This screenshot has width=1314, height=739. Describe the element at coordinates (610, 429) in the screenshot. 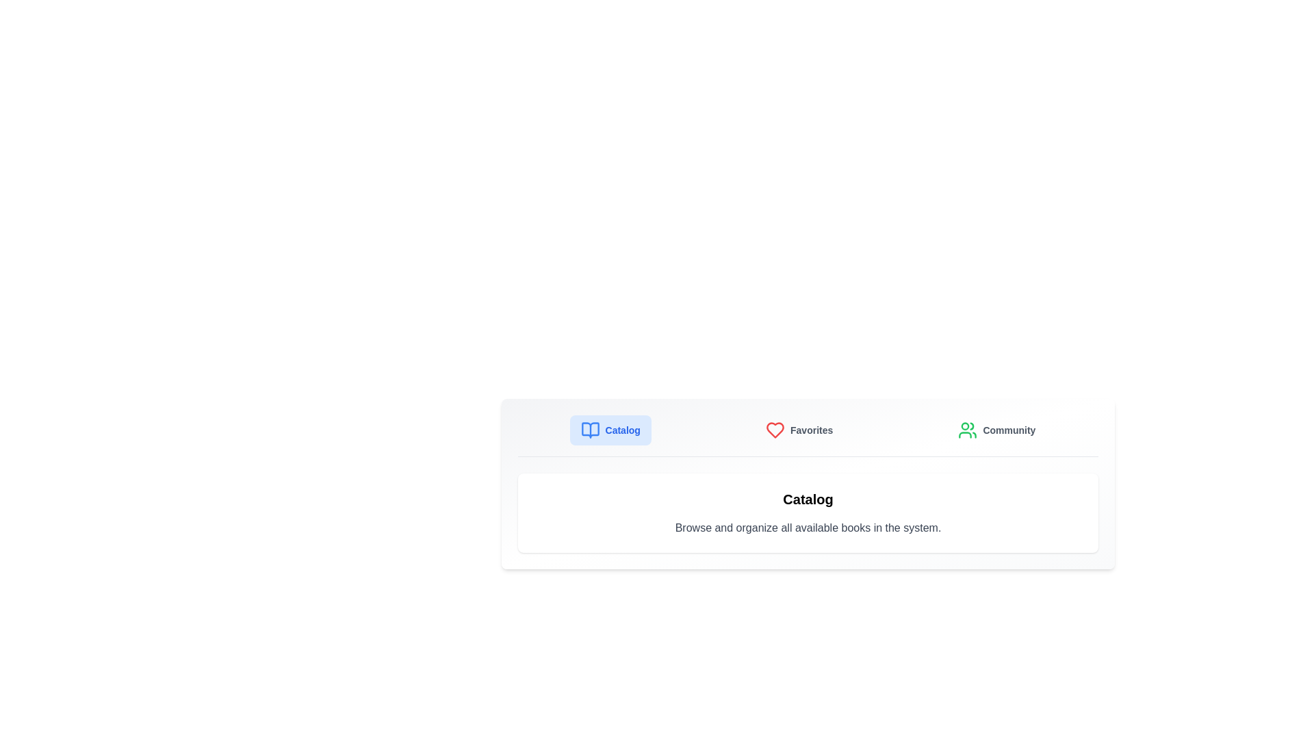

I see `the Catalog tab by clicking on its button` at that location.